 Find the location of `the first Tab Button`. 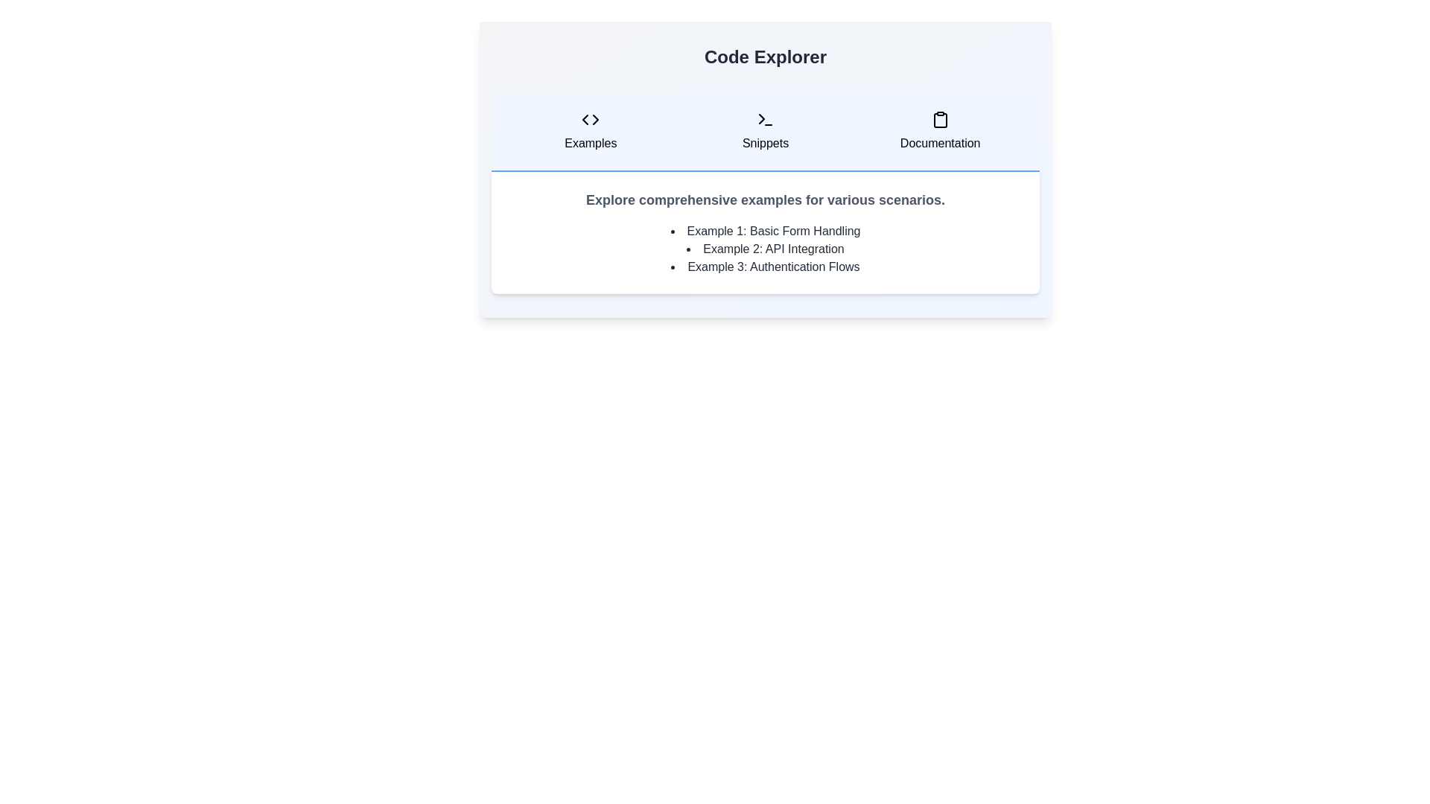

the first Tab Button is located at coordinates (590, 131).